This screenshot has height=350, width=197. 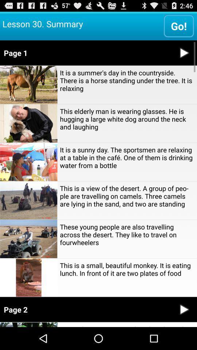 What do you see at coordinates (184, 52) in the screenshot?
I see `the button which is next to page 1` at bounding box center [184, 52].